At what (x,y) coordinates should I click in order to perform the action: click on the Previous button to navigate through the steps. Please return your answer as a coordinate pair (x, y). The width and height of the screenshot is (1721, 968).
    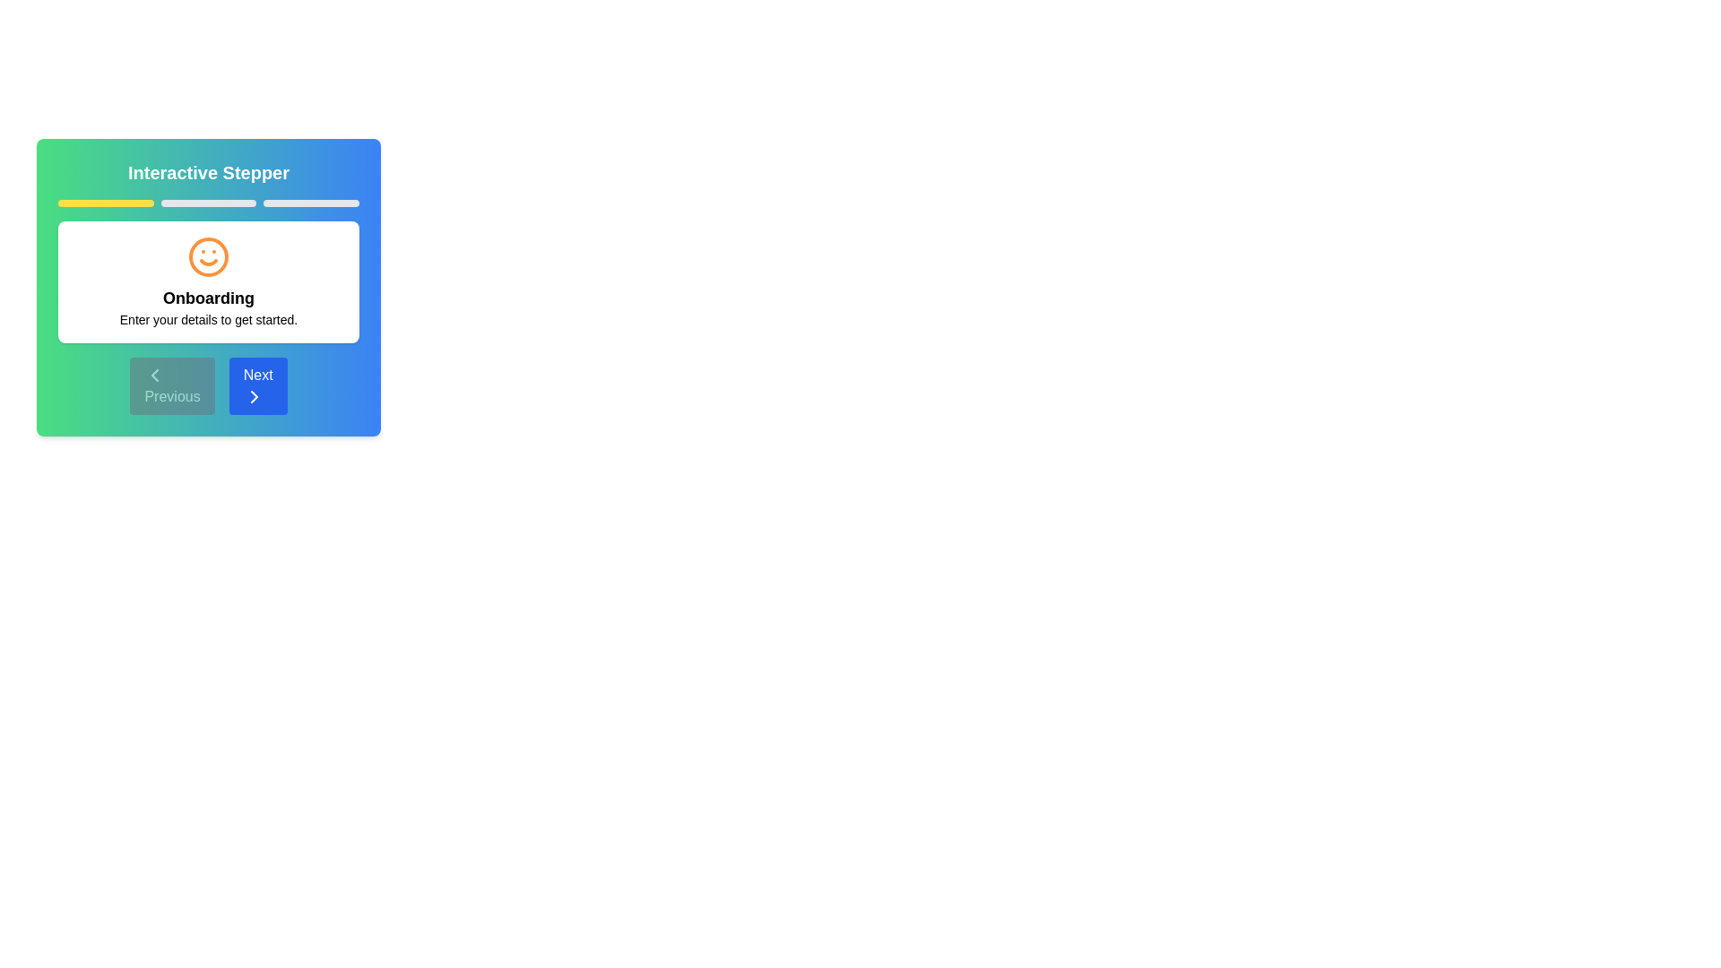
    Looking at the image, I should click on (172, 385).